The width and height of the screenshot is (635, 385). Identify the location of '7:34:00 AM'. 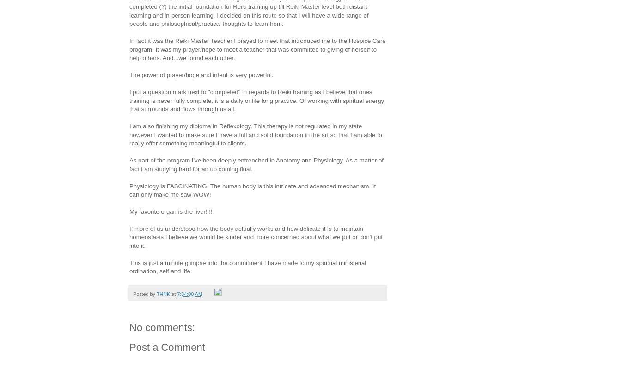
(189, 293).